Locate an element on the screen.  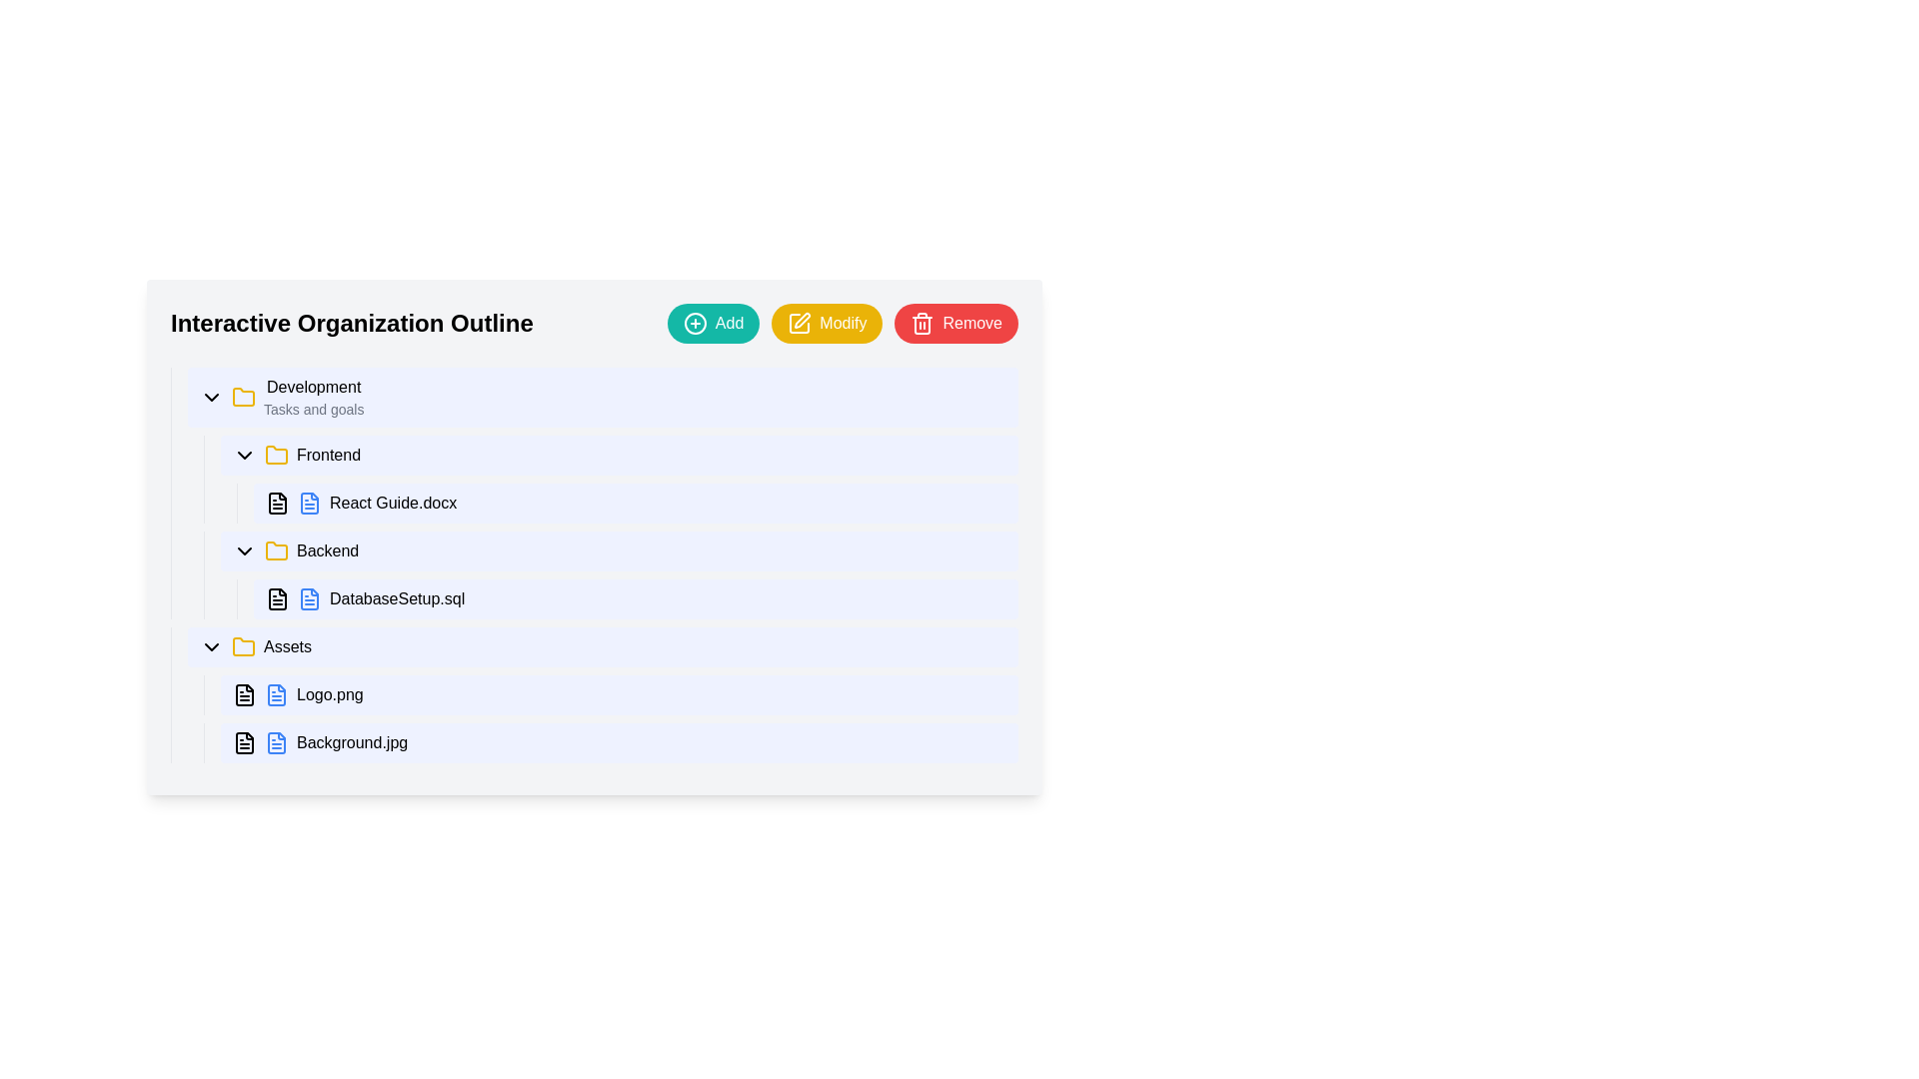
the Text Label that serves as a title for the 'Development' folder section, located directly beneath the yellow folder icon labeled 'Development' is located at coordinates (313, 397).